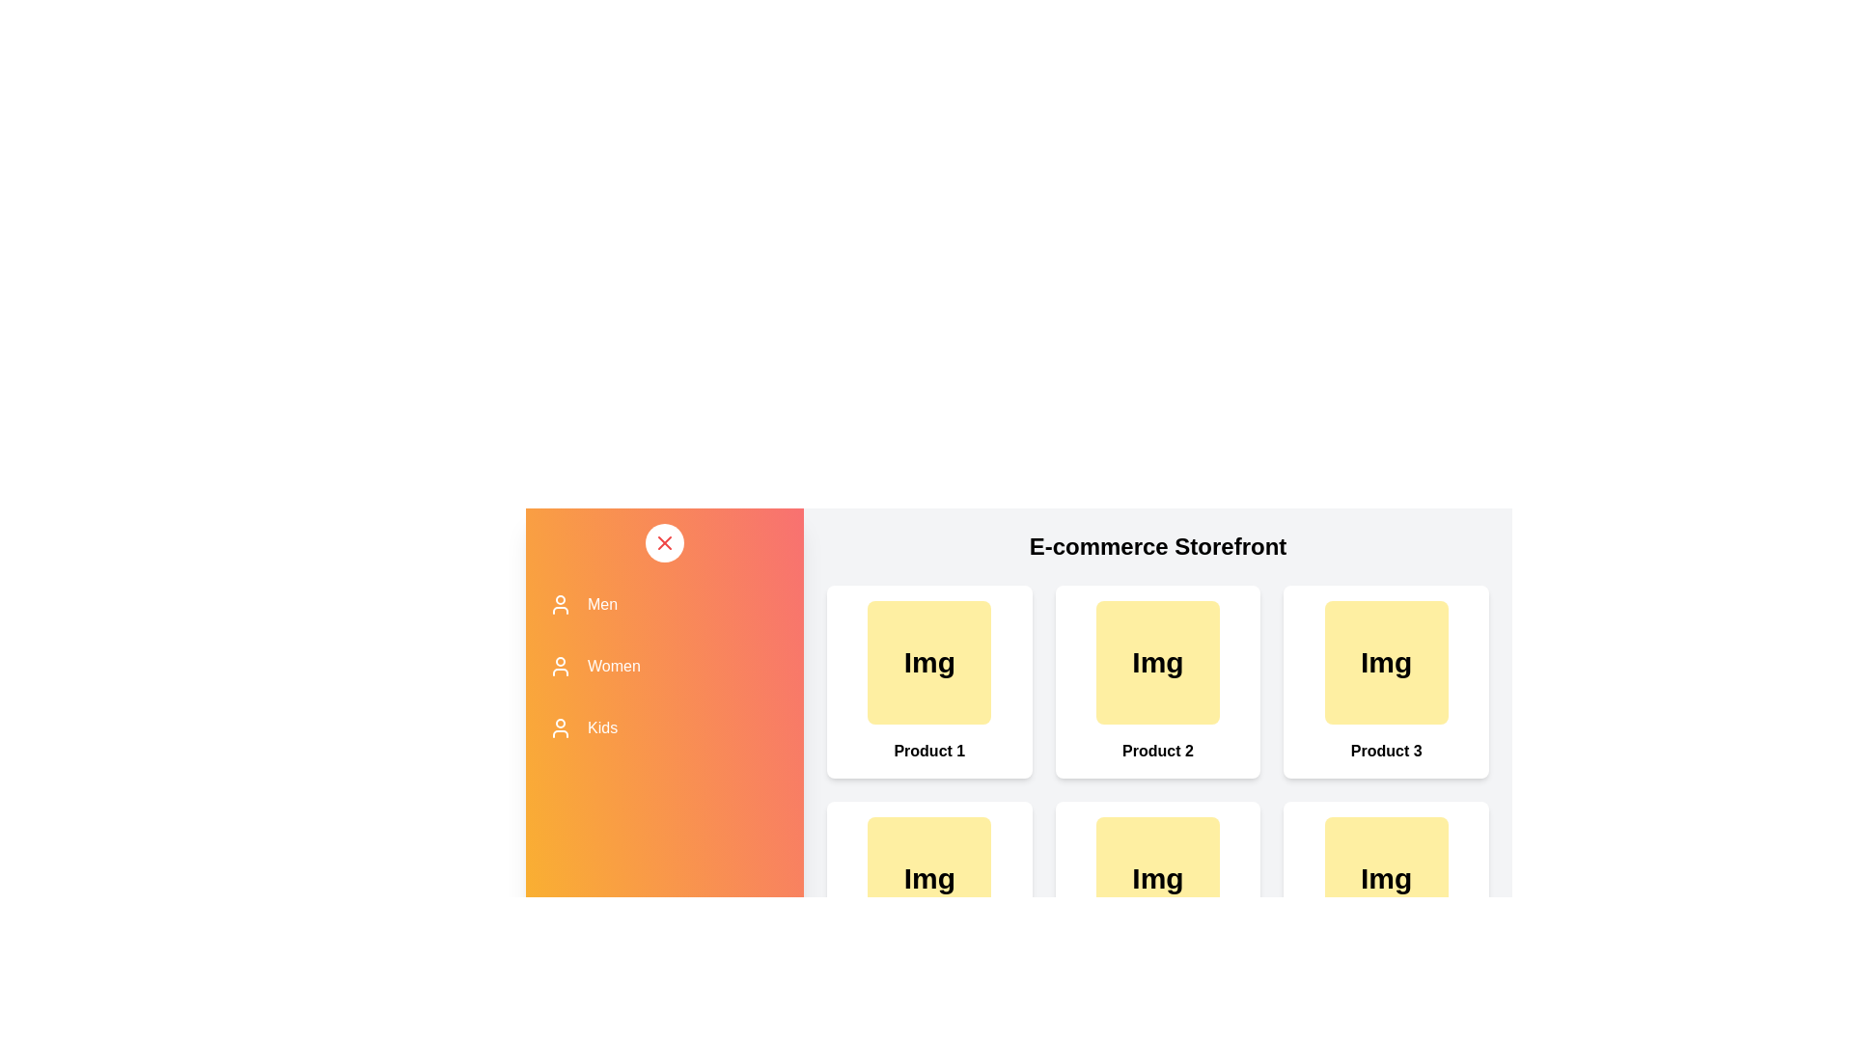 The width and height of the screenshot is (1853, 1042). Describe the element at coordinates (665, 728) in the screenshot. I see `the category Kids from the list` at that location.